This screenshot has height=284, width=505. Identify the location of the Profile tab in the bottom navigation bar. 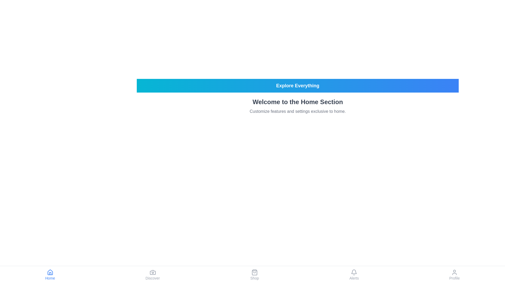
(454, 275).